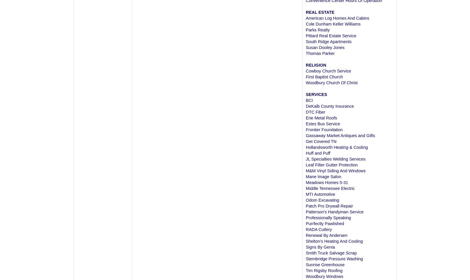 The image size is (470, 280). Describe the element at coordinates (323, 124) in the screenshot. I see `'Estes Bus Service'` at that location.